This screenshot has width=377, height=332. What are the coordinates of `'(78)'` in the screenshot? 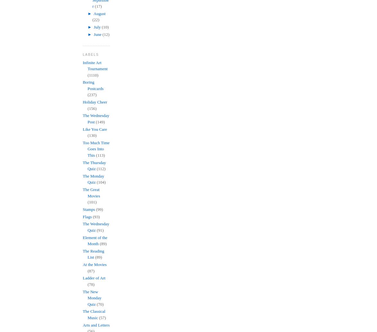 It's located at (87, 284).